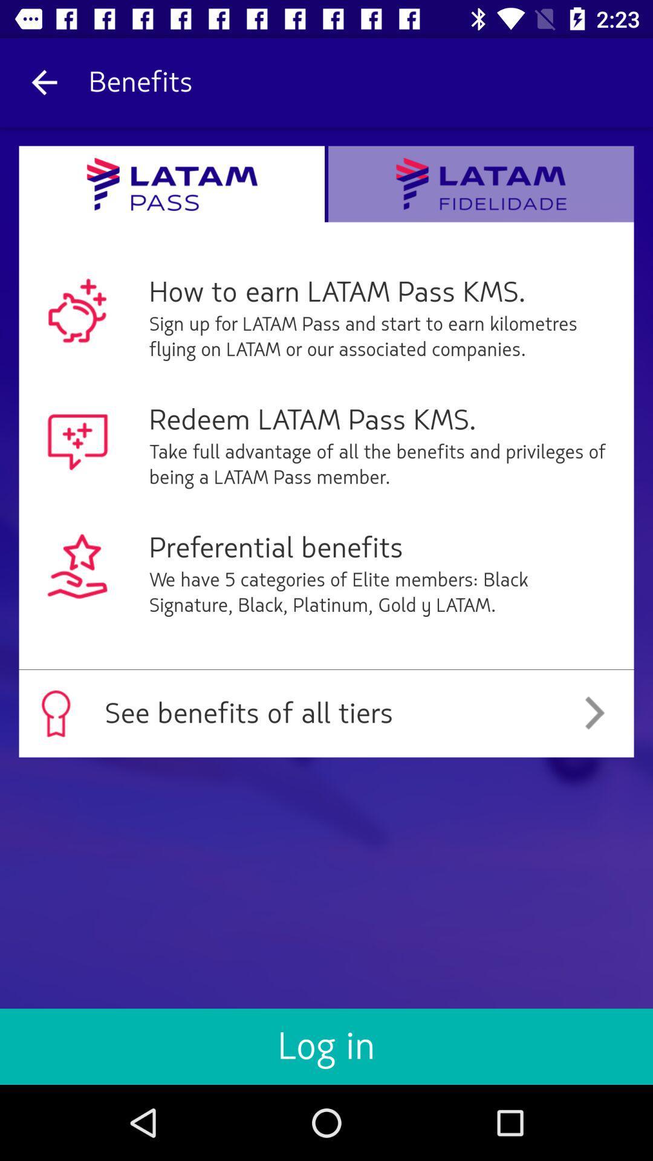  What do you see at coordinates (480, 184) in the screenshot?
I see `text along with logo beside latam pass` at bounding box center [480, 184].